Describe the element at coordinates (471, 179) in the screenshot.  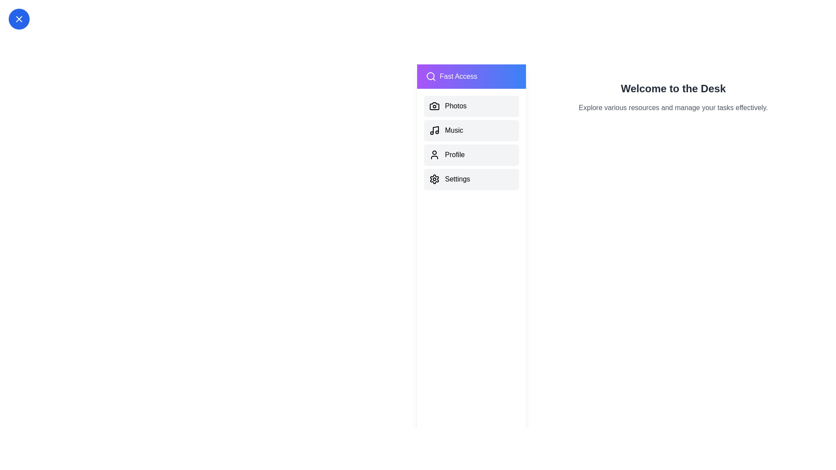
I see `the drawer item labeled Settings` at that location.